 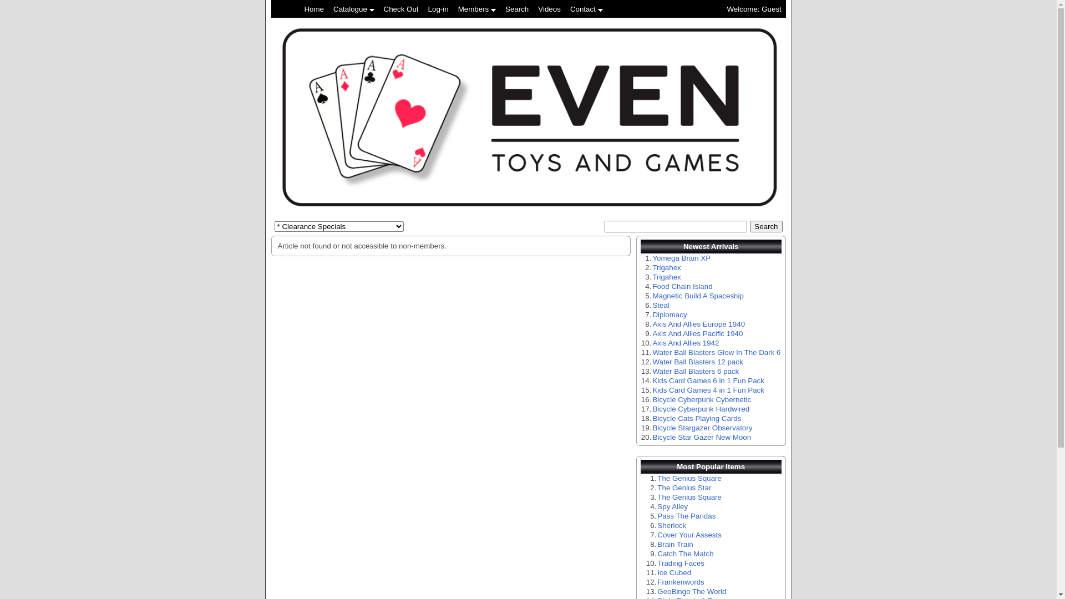 What do you see at coordinates (423, 9) in the screenshot?
I see `'Log-in'` at bounding box center [423, 9].